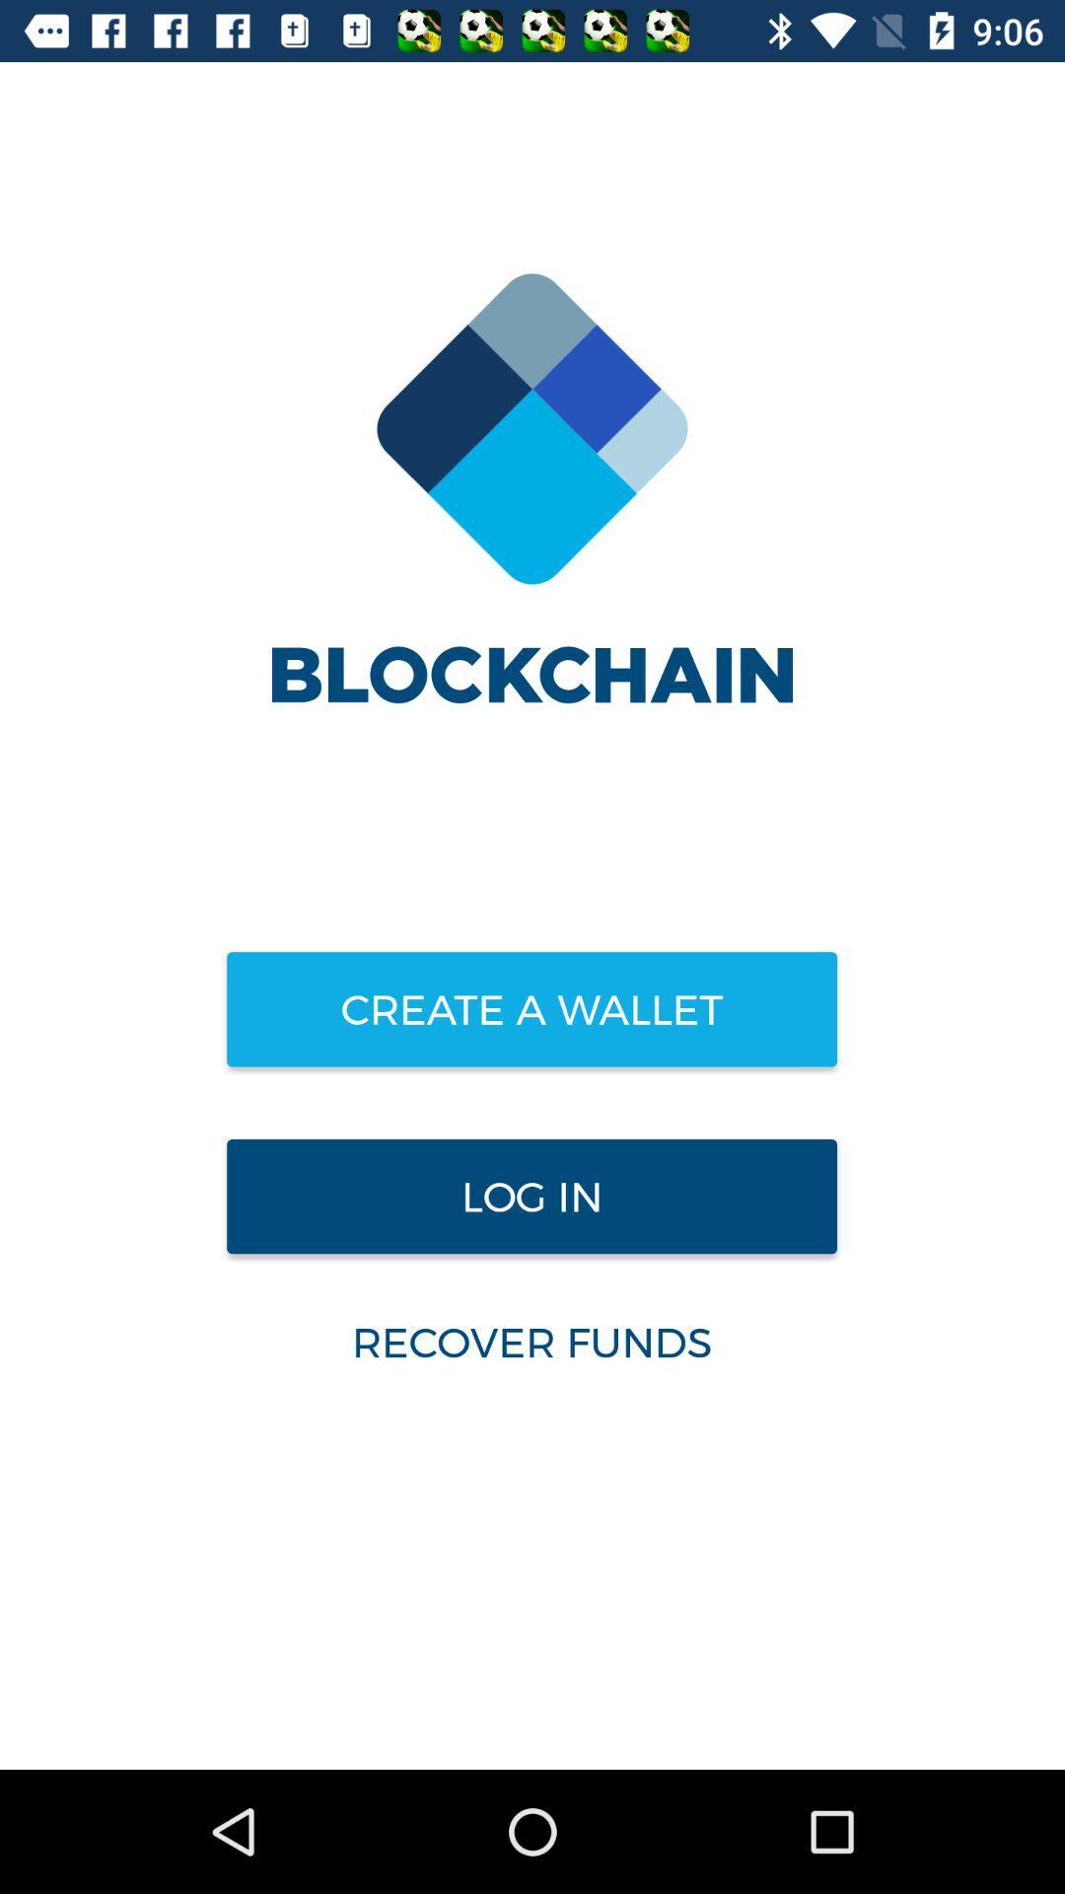 The image size is (1065, 1894). What do you see at coordinates (531, 1196) in the screenshot?
I see `the icon above the recover funds item` at bounding box center [531, 1196].